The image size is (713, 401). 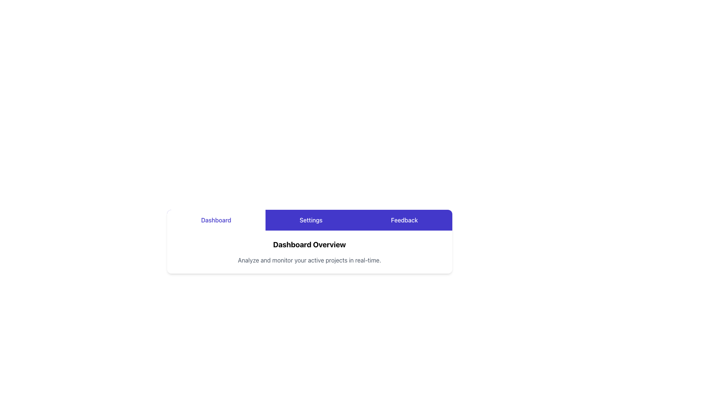 What do you see at coordinates (216, 220) in the screenshot?
I see `keyboard navigation` at bounding box center [216, 220].